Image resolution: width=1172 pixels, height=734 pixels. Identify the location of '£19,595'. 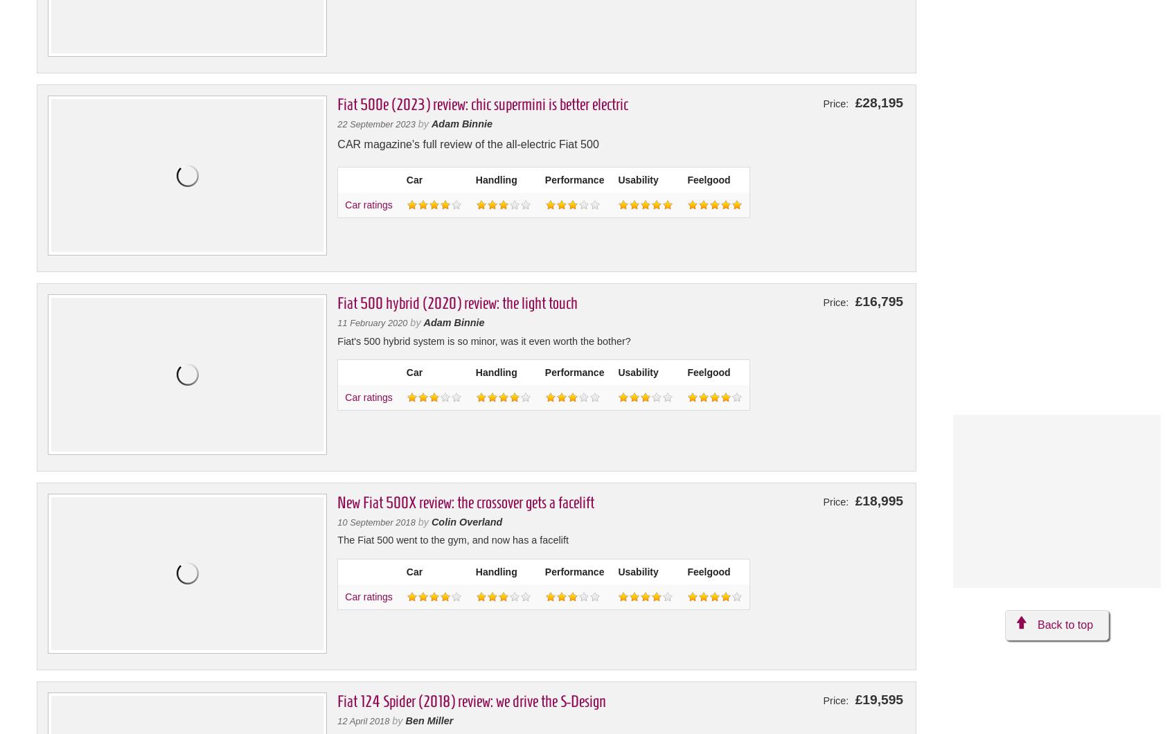
(851, 698).